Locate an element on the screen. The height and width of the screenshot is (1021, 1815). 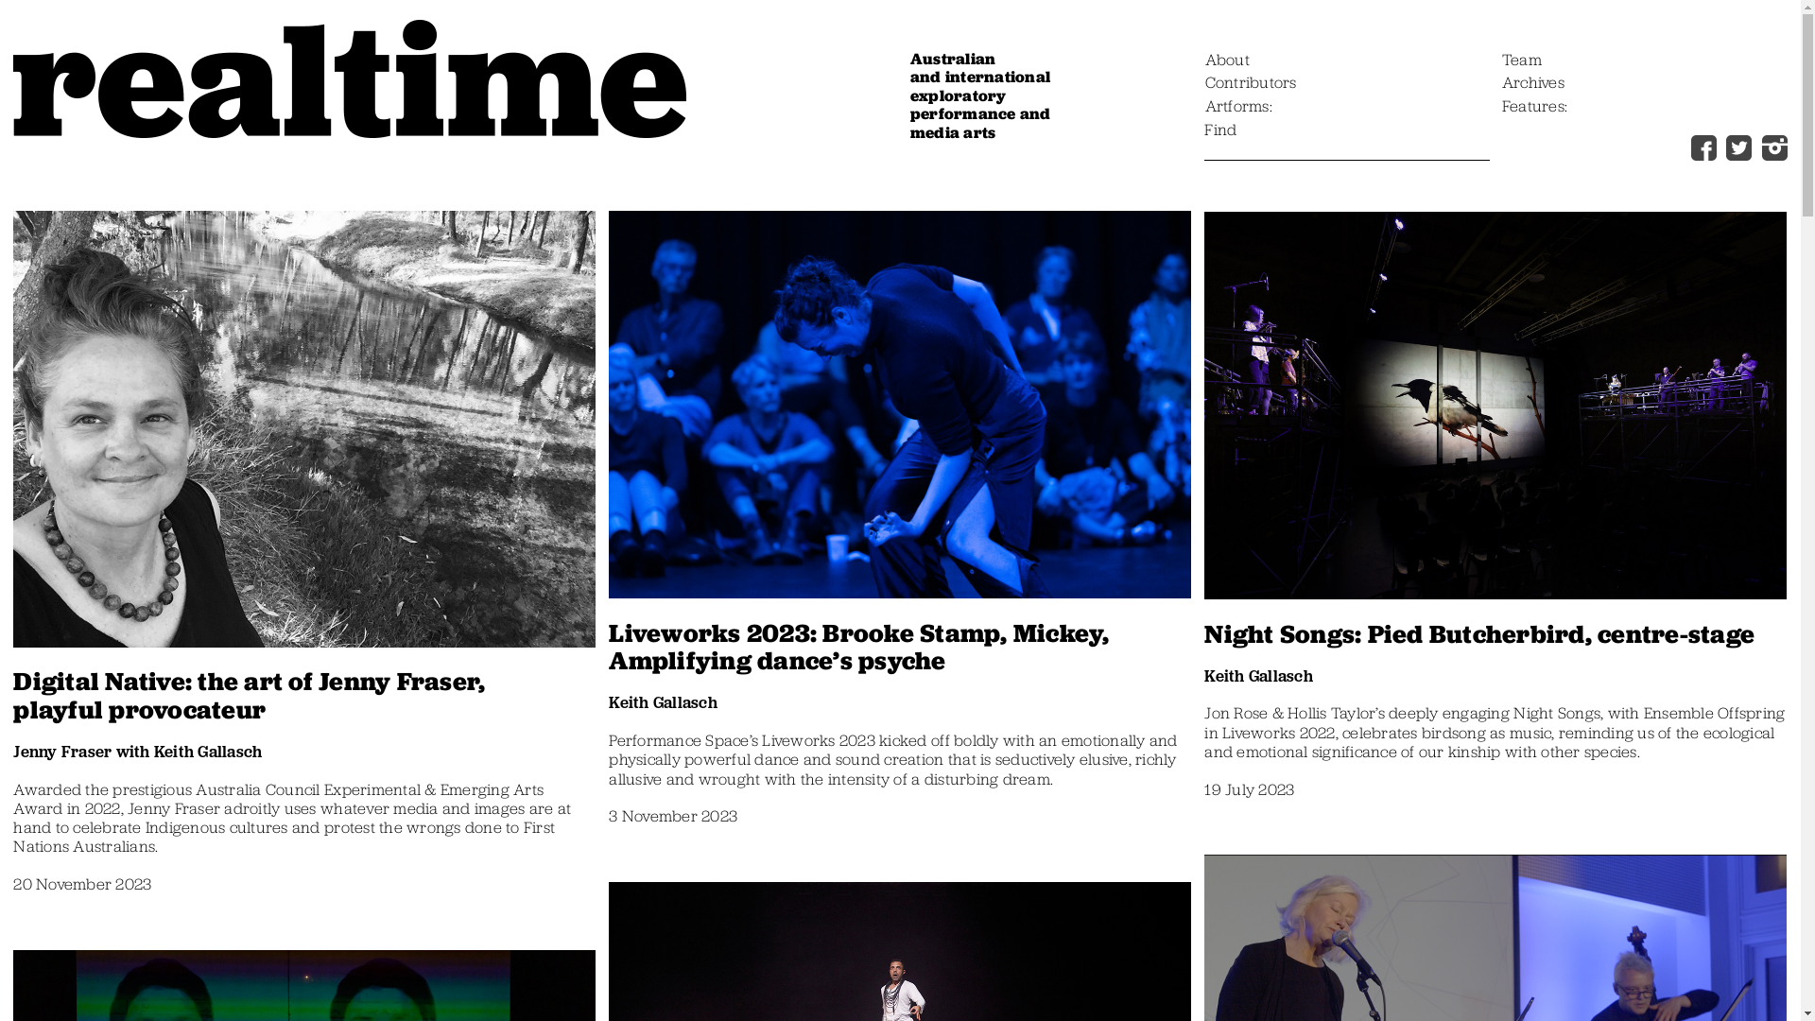
'Contributors' is located at coordinates (1251, 82).